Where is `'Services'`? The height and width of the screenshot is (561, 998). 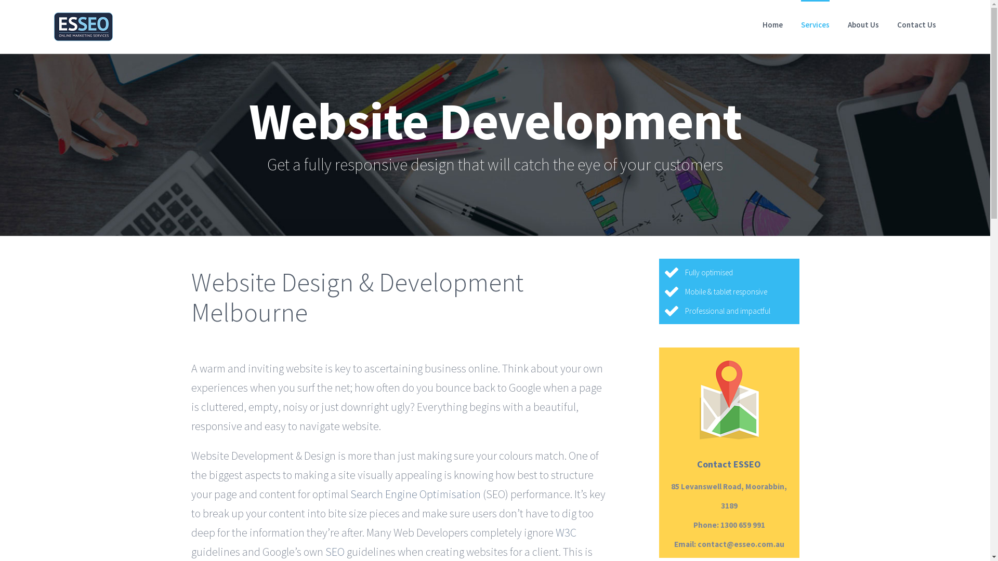
'Services' is located at coordinates (815, 23).